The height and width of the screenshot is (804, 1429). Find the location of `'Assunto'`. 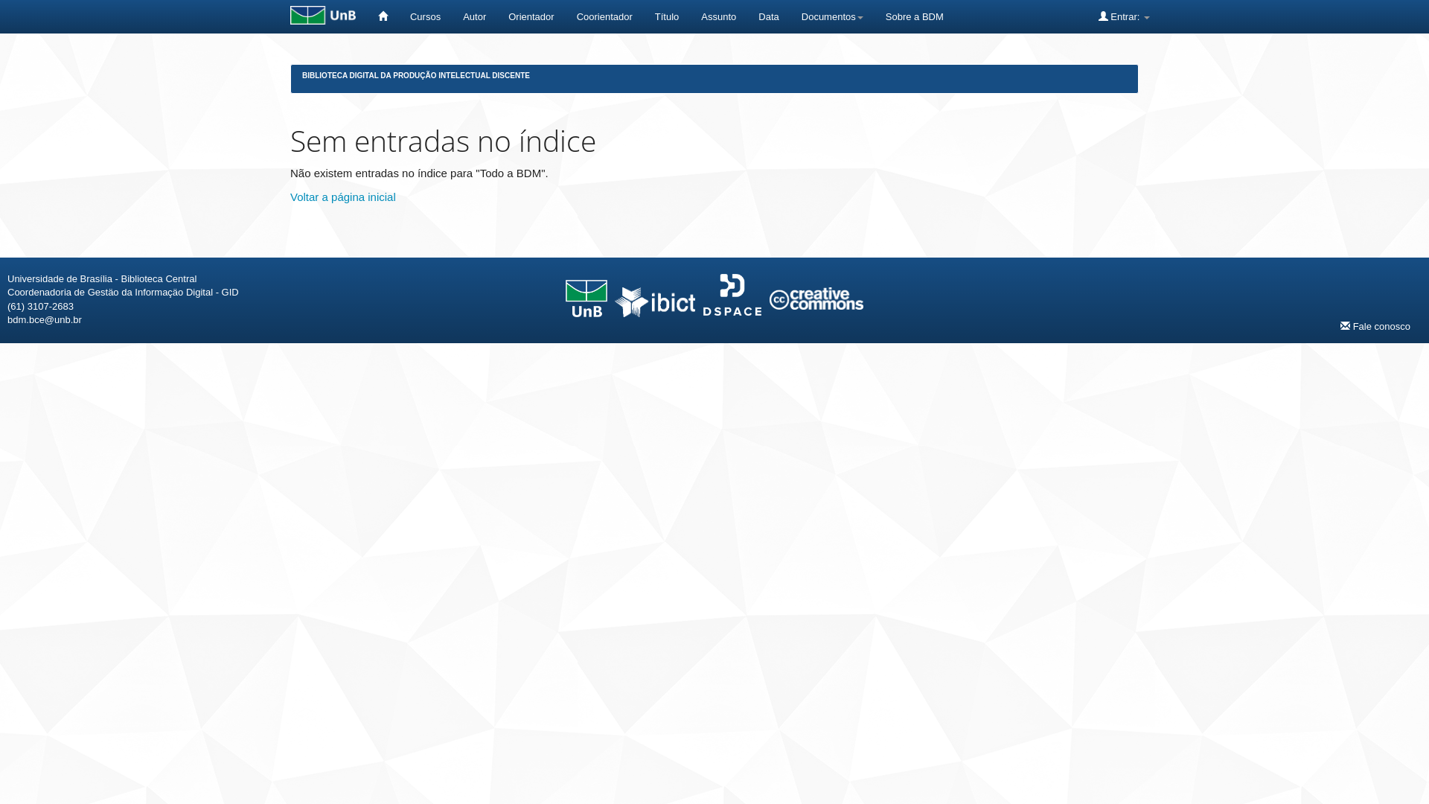

'Assunto' is located at coordinates (718, 16).